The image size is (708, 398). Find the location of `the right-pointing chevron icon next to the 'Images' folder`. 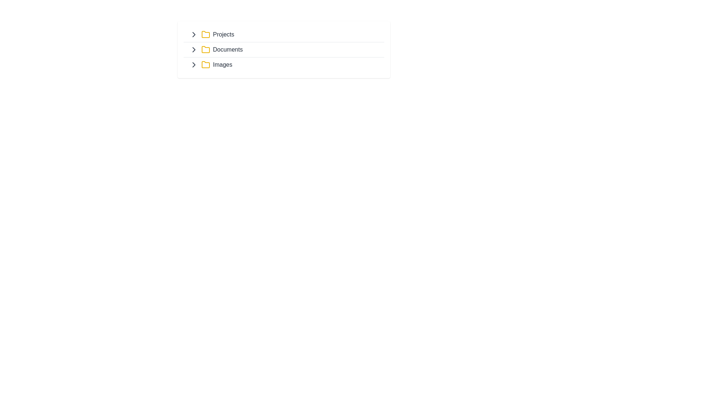

the right-pointing chevron icon next to the 'Images' folder is located at coordinates (194, 64).